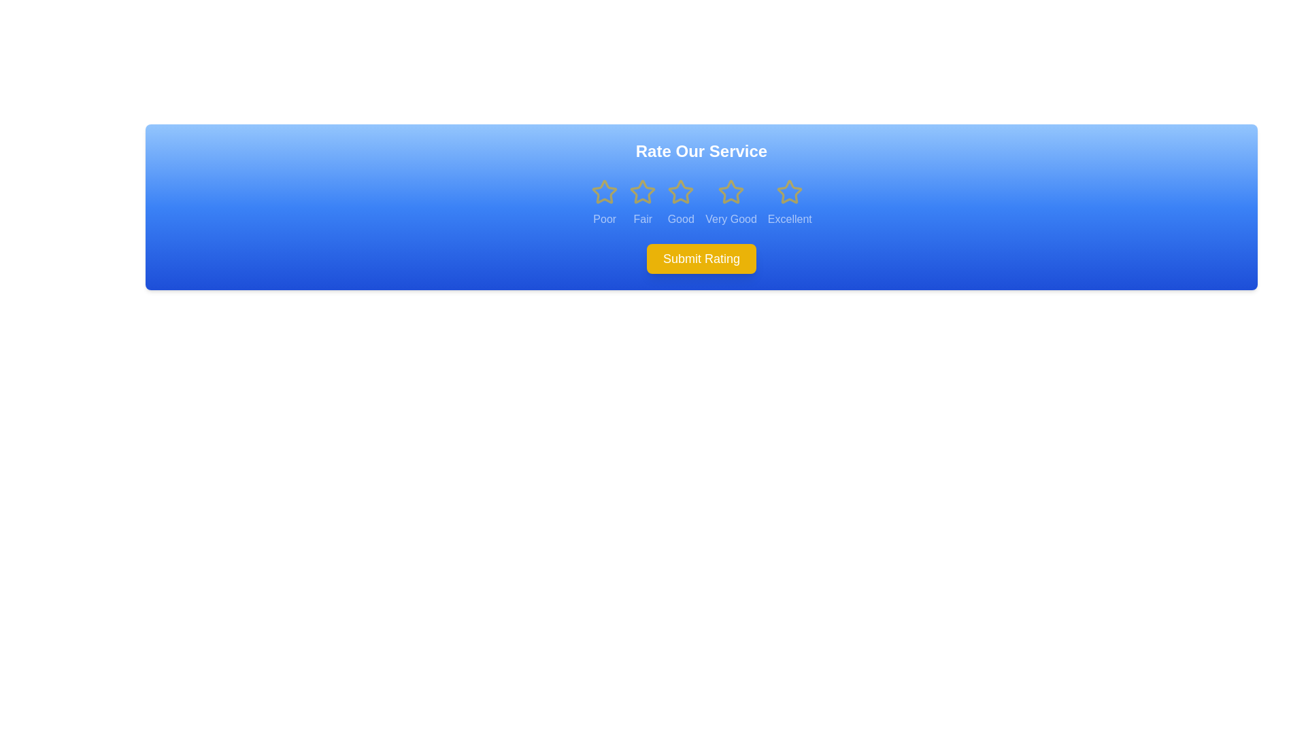  What do you see at coordinates (603, 203) in the screenshot?
I see `the 'Poor' rating option, which is the first element in the rating row located below the 'Rate Our Service' title` at bounding box center [603, 203].